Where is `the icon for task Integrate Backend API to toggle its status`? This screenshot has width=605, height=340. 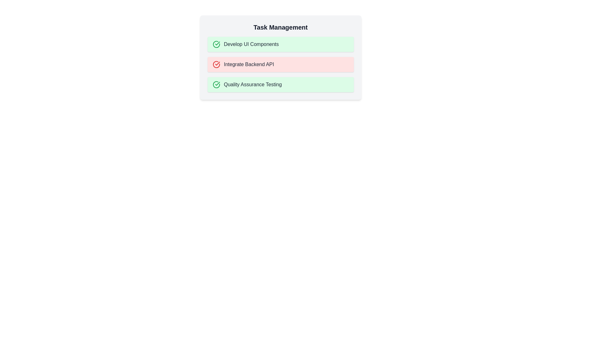
the icon for task Integrate Backend API to toggle its status is located at coordinates (216, 64).